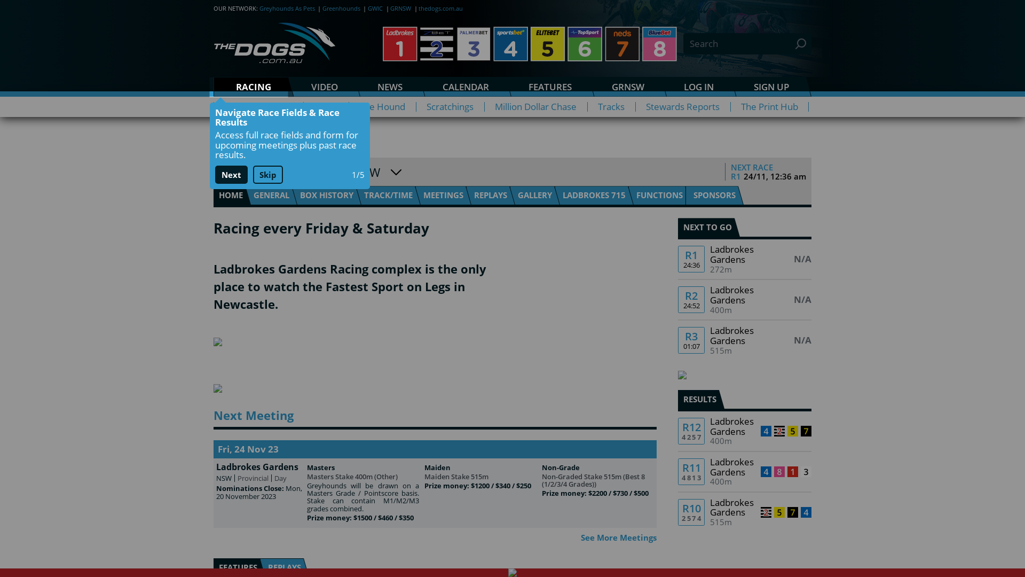 This screenshot has width=1025, height=577. I want to click on 'GENERAL', so click(271, 195).